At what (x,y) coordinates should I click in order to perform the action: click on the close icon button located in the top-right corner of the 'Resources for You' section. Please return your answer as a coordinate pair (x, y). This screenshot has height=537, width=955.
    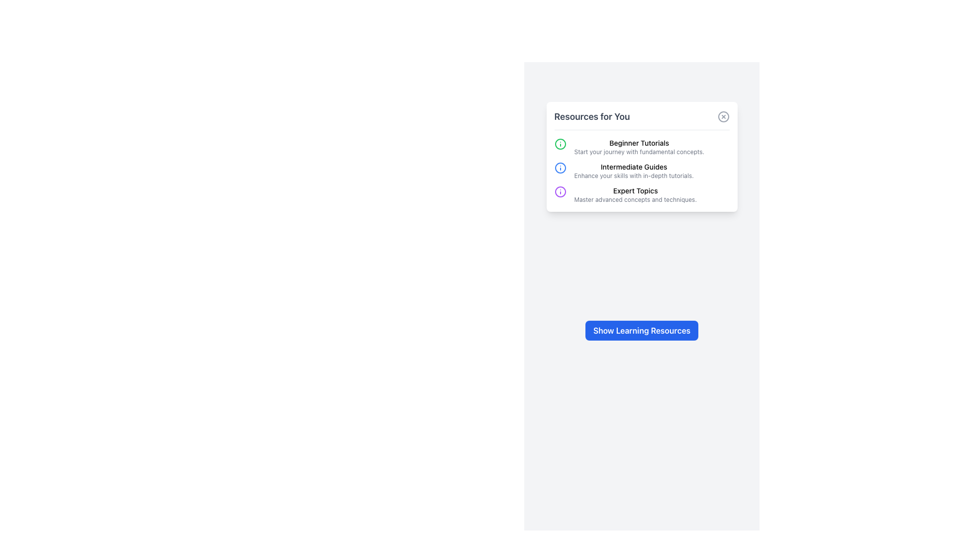
    Looking at the image, I should click on (723, 116).